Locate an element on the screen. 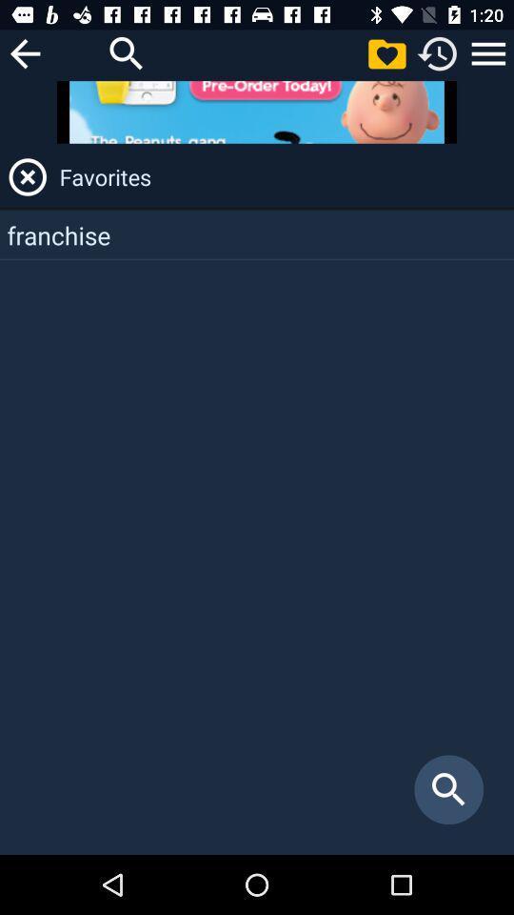  show history is located at coordinates (438, 52).